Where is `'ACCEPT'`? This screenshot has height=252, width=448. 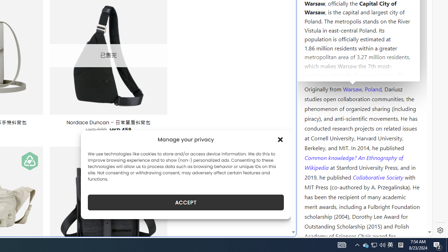 'ACCEPT' is located at coordinates (186, 202).